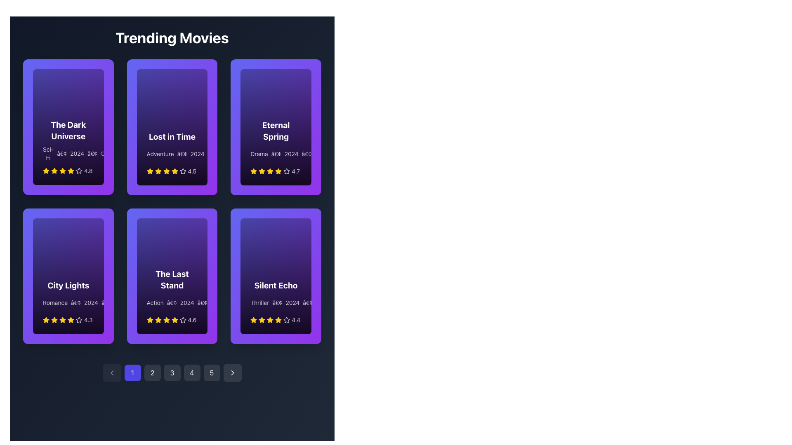  Describe the element at coordinates (181, 154) in the screenshot. I see `the textual icon/separator represented by 'â€¢' located between 'Adventure' and '2024' in the second card of the 'Trending Movies' section` at that location.